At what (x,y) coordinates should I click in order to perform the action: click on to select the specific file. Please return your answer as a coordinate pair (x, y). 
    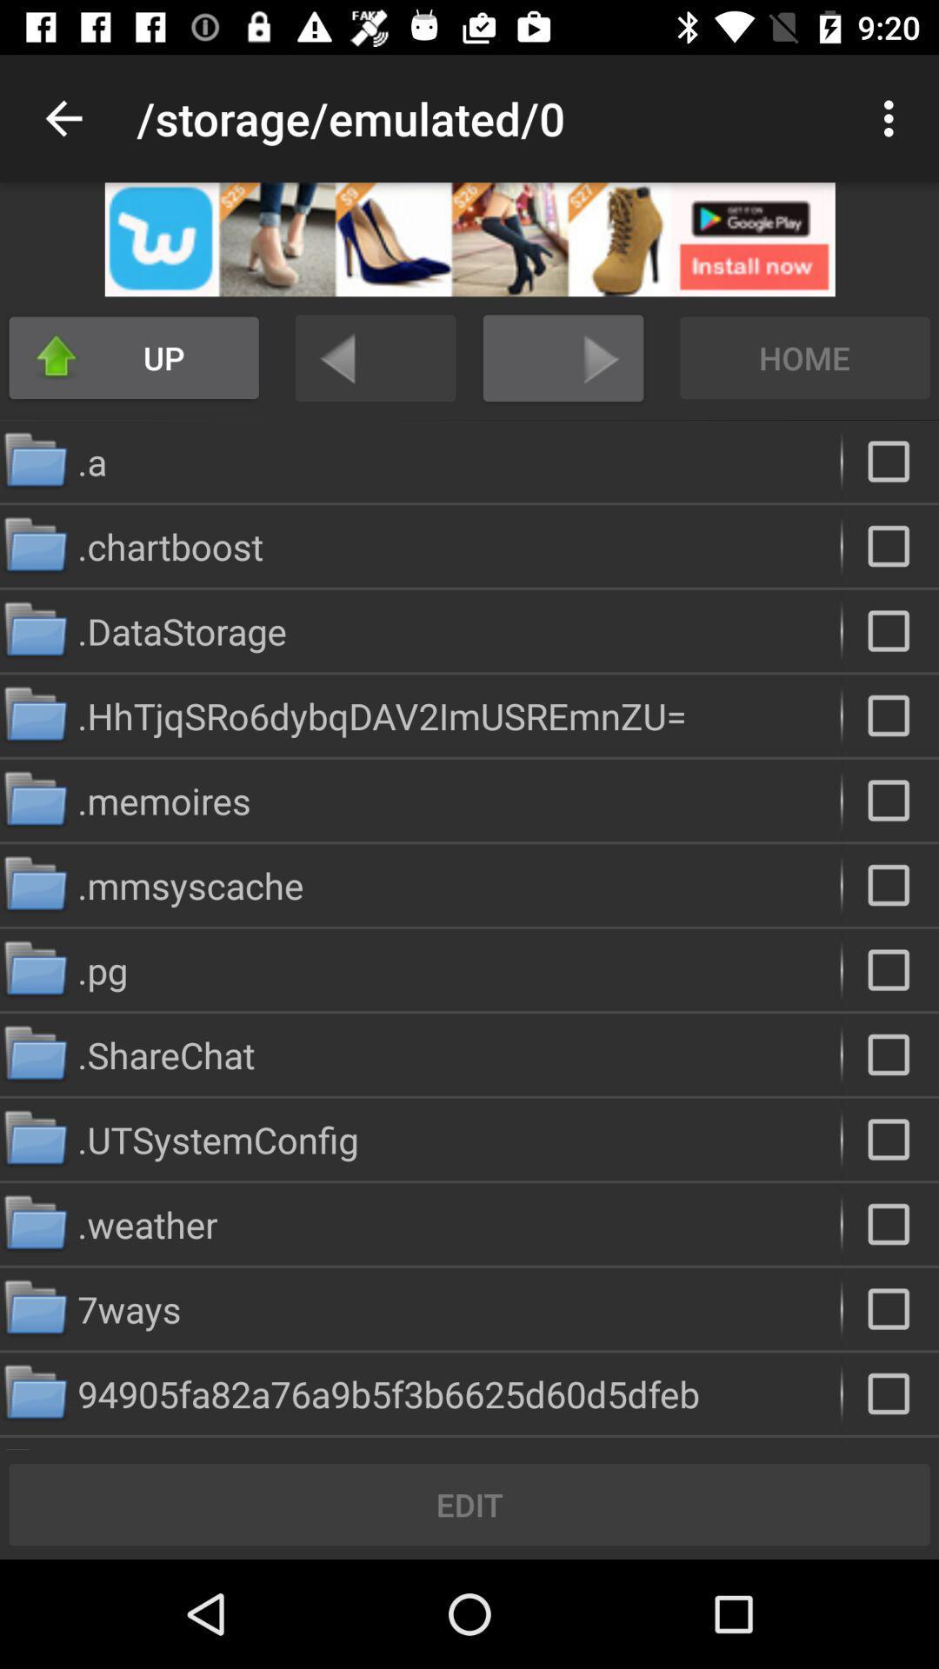
    Looking at the image, I should click on (890, 715).